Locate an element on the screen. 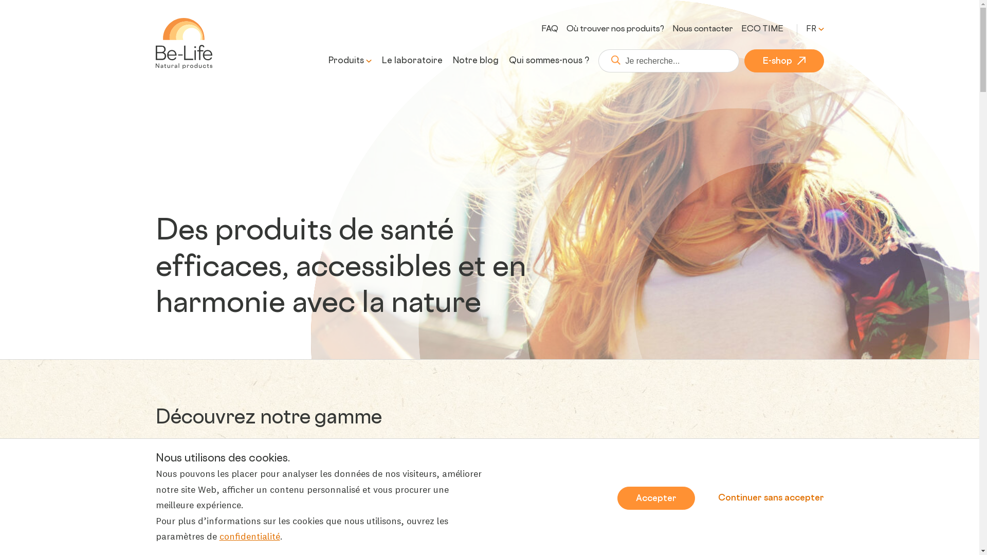 The width and height of the screenshot is (987, 555). 'FAQ' is located at coordinates (549, 29).